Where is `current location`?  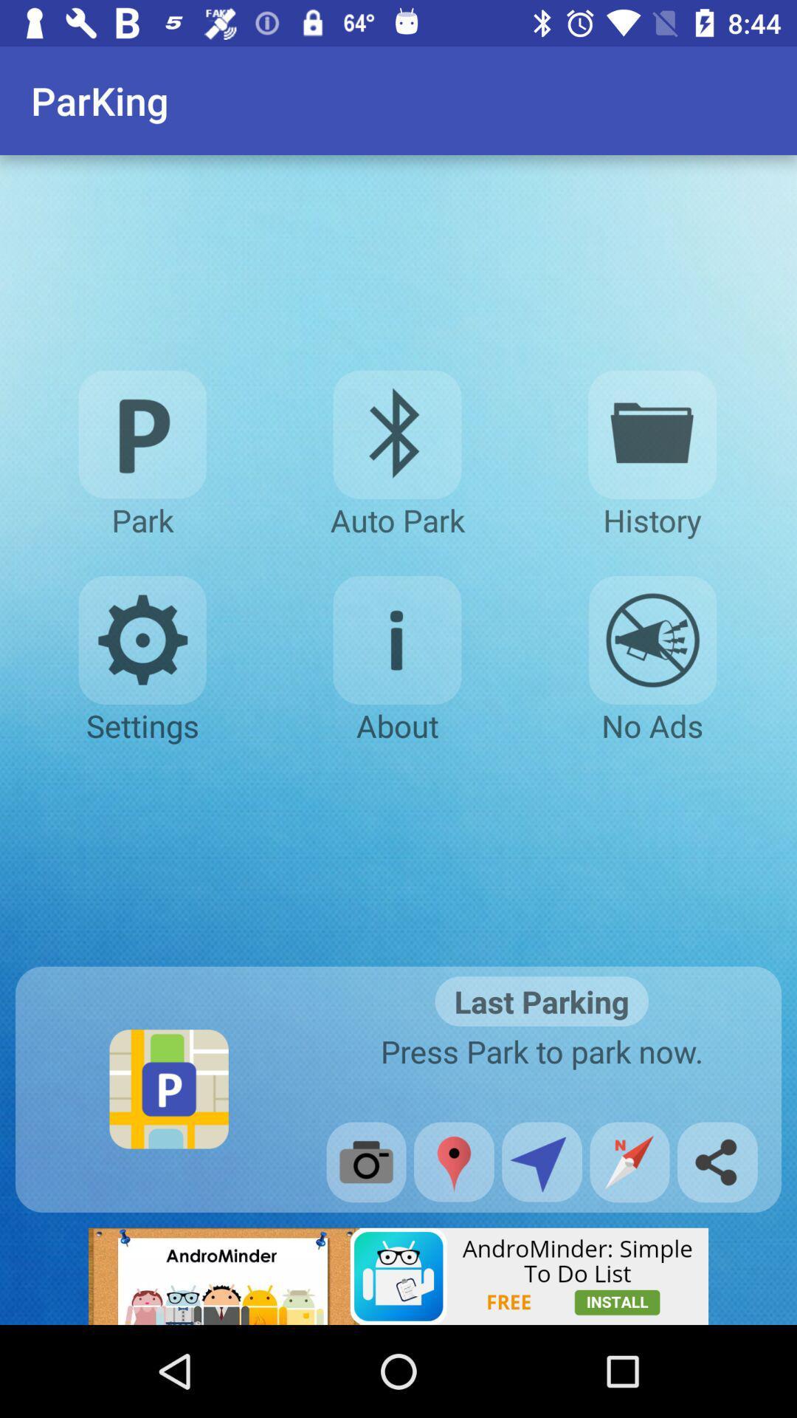
current location is located at coordinates (453, 1161).